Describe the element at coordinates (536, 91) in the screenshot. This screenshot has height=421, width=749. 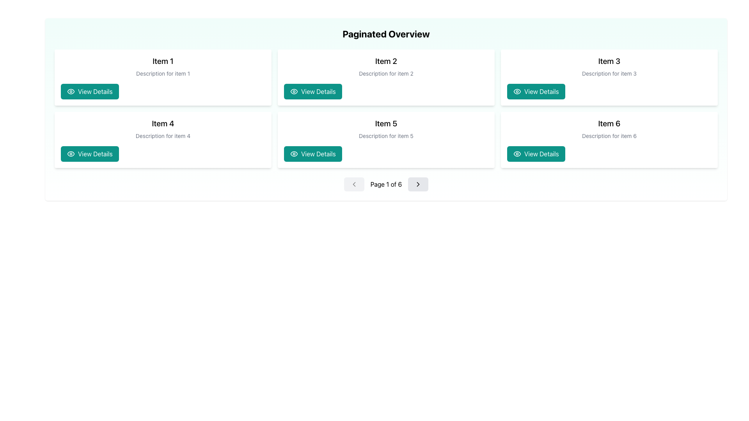
I see `the teal-colored 'View Details' button with an eye icon located in the bottom-right corner of the 'Item 3' card to activate hover effects` at that location.